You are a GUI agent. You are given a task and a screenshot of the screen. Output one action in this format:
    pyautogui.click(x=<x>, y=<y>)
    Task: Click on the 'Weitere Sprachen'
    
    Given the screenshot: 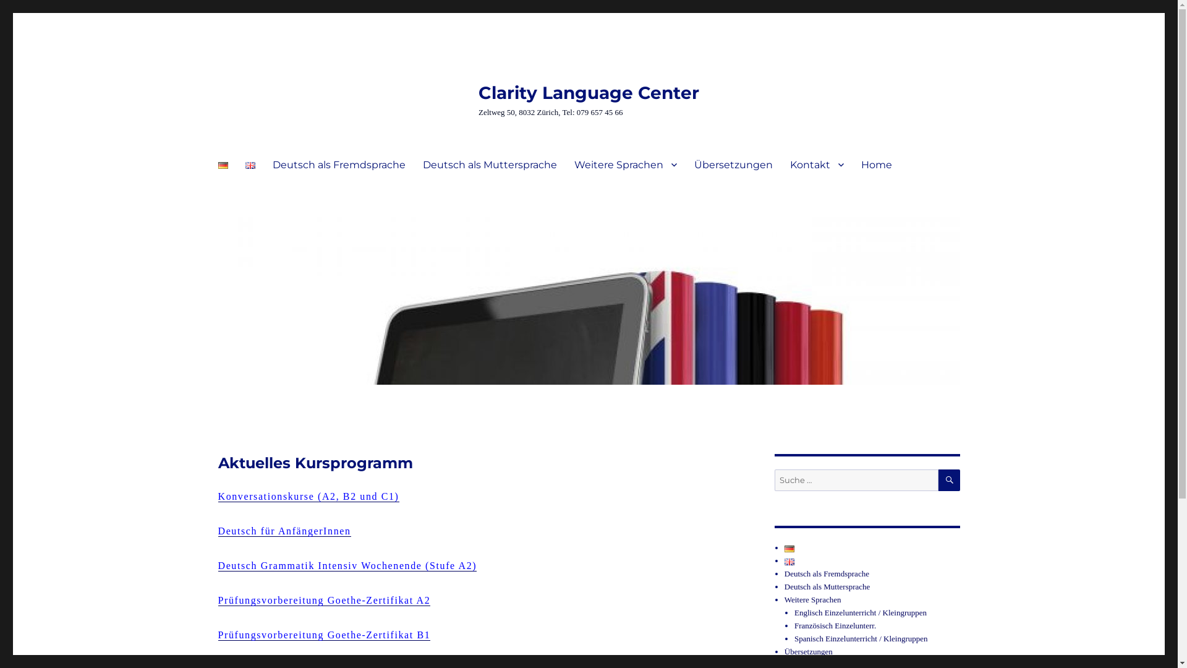 What is the action you would take?
    pyautogui.click(x=564, y=164)
    